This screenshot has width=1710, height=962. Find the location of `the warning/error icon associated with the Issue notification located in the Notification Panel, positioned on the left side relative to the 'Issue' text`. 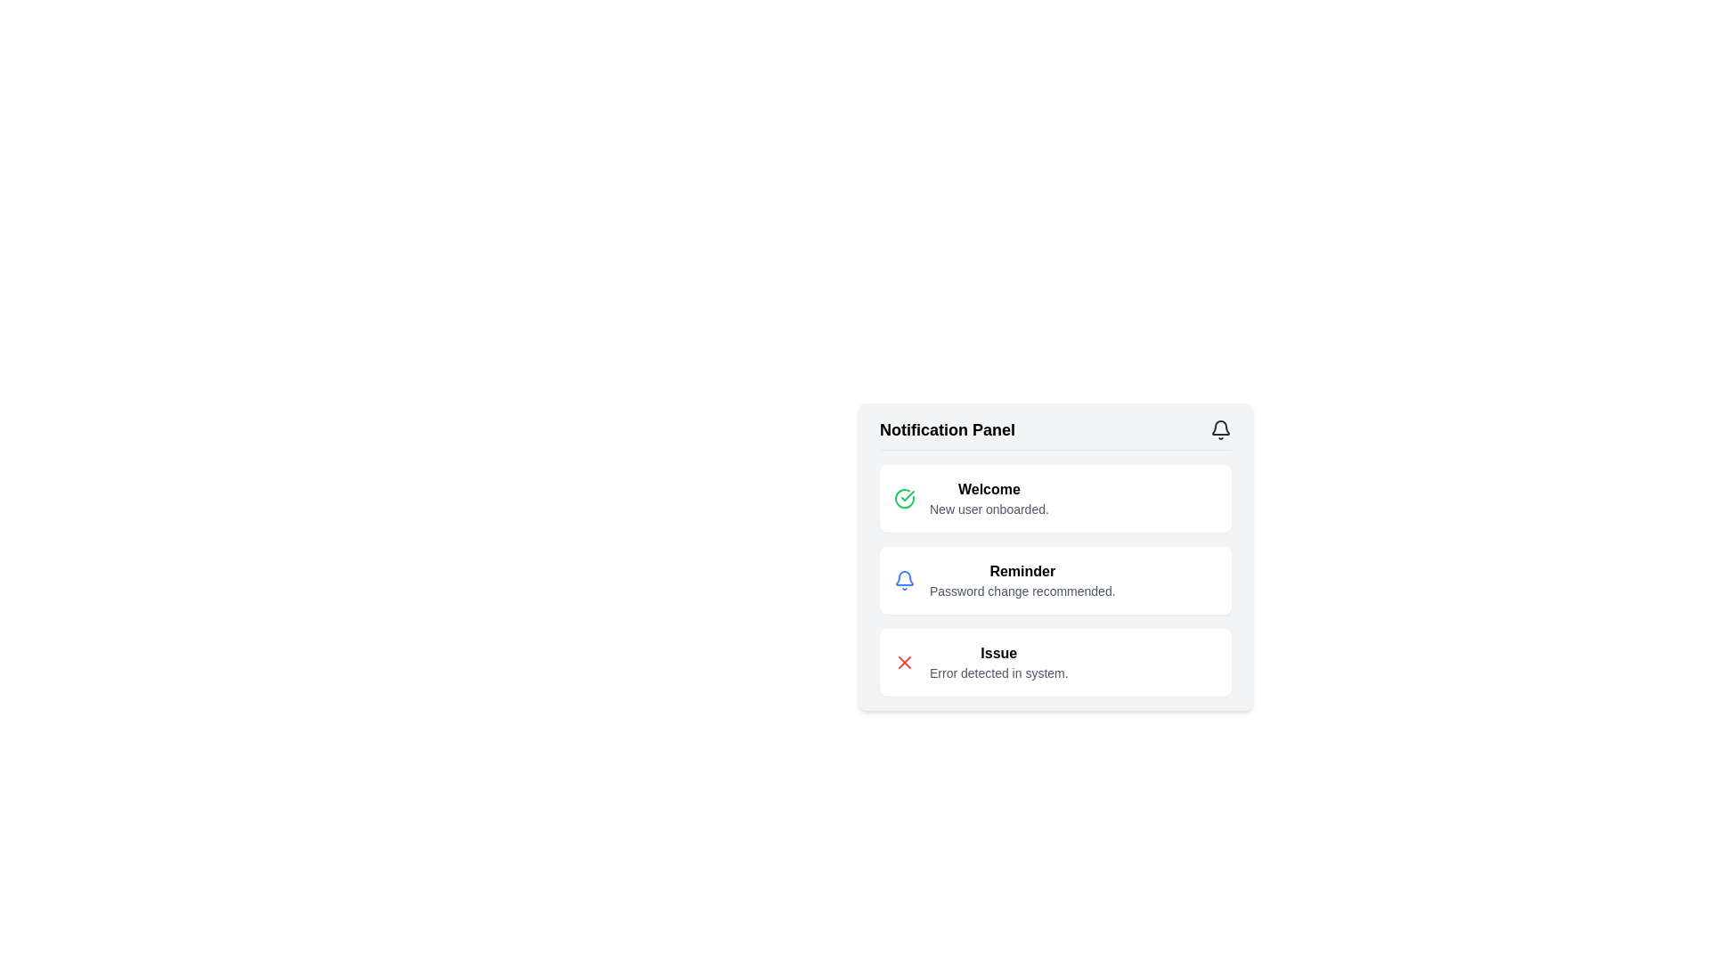

the warning/error icon associated with the Issue notification located in the Notification Panel, positioned on the left side relative to the 'Issue' text is located at coordinates (905, 663).